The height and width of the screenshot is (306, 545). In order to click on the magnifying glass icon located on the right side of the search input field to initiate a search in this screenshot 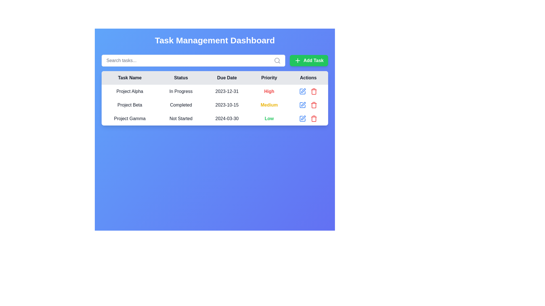, I will do `click(277, 60)`.